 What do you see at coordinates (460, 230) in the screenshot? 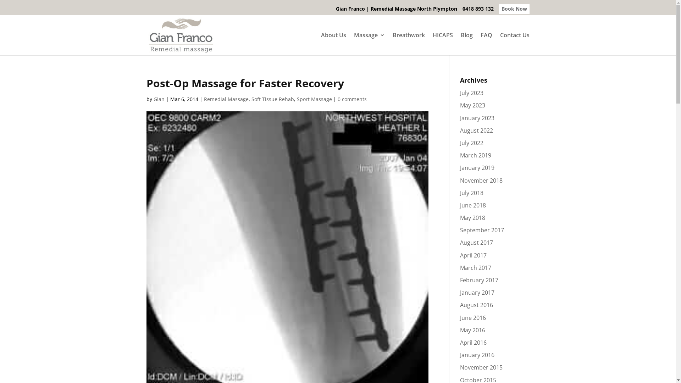
I see `'September 2017'` at bounding box center [460, 230].